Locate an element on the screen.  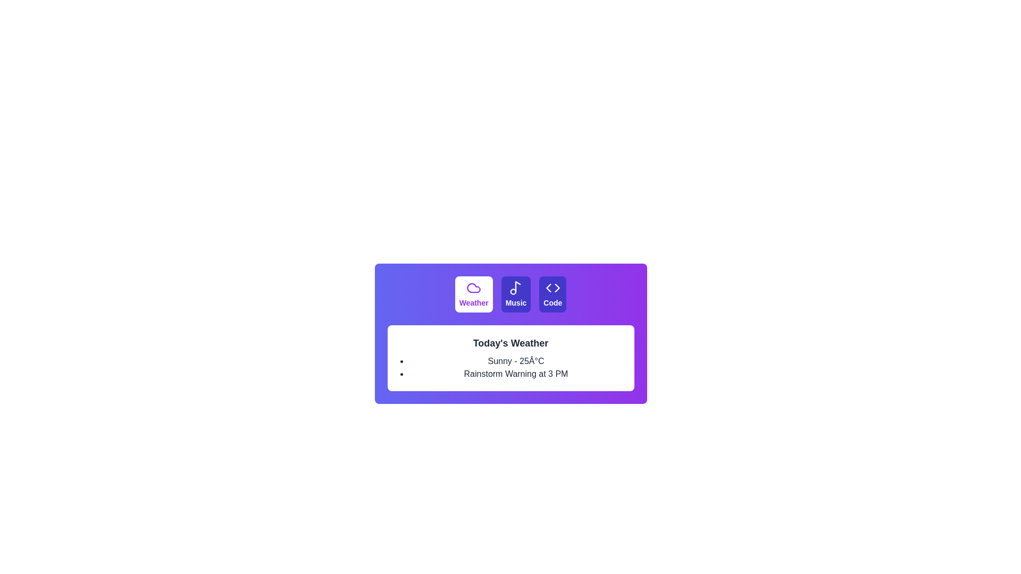
information from the text label displaying 'Rainstorm Warning at 3 PM', which is the second item in a bulleted list under 'Today's Weather' is located at coordinates (516, 374).